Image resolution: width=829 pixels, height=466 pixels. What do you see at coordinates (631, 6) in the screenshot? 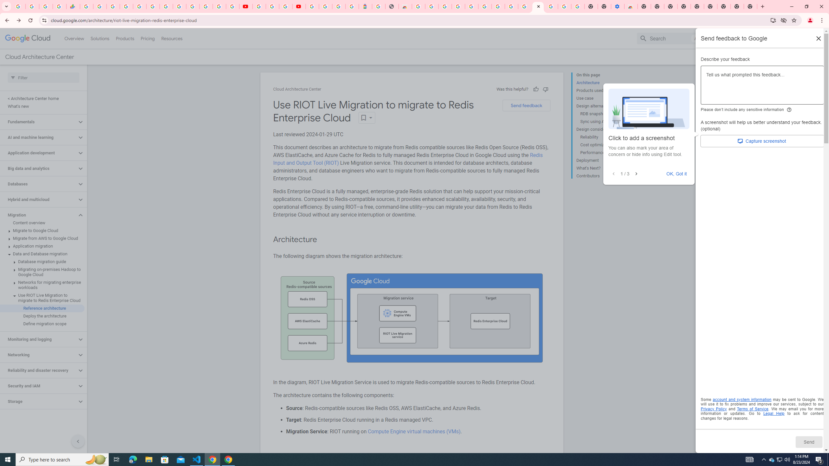
I see `'Chrome Web Store - Accessibility extensions'` at bounding box center [631, 6].